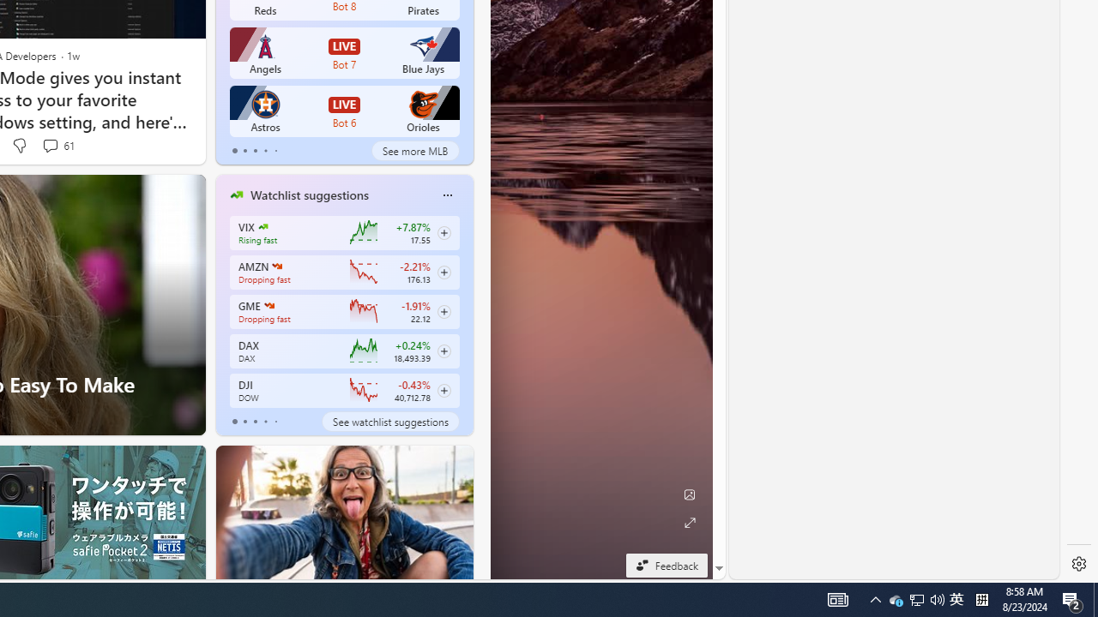 Image resolution: width=1098 pixels, height=617 pixels. I want to click on 'See watchlist suggestions', so click(389, 422).